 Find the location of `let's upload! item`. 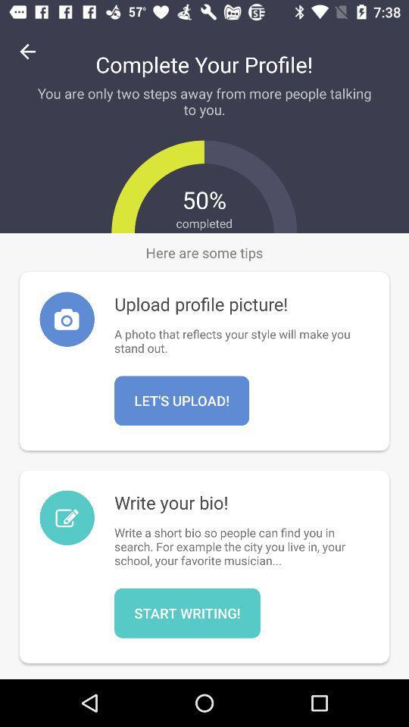

let's upload! item is located at coordinates (182, 400).